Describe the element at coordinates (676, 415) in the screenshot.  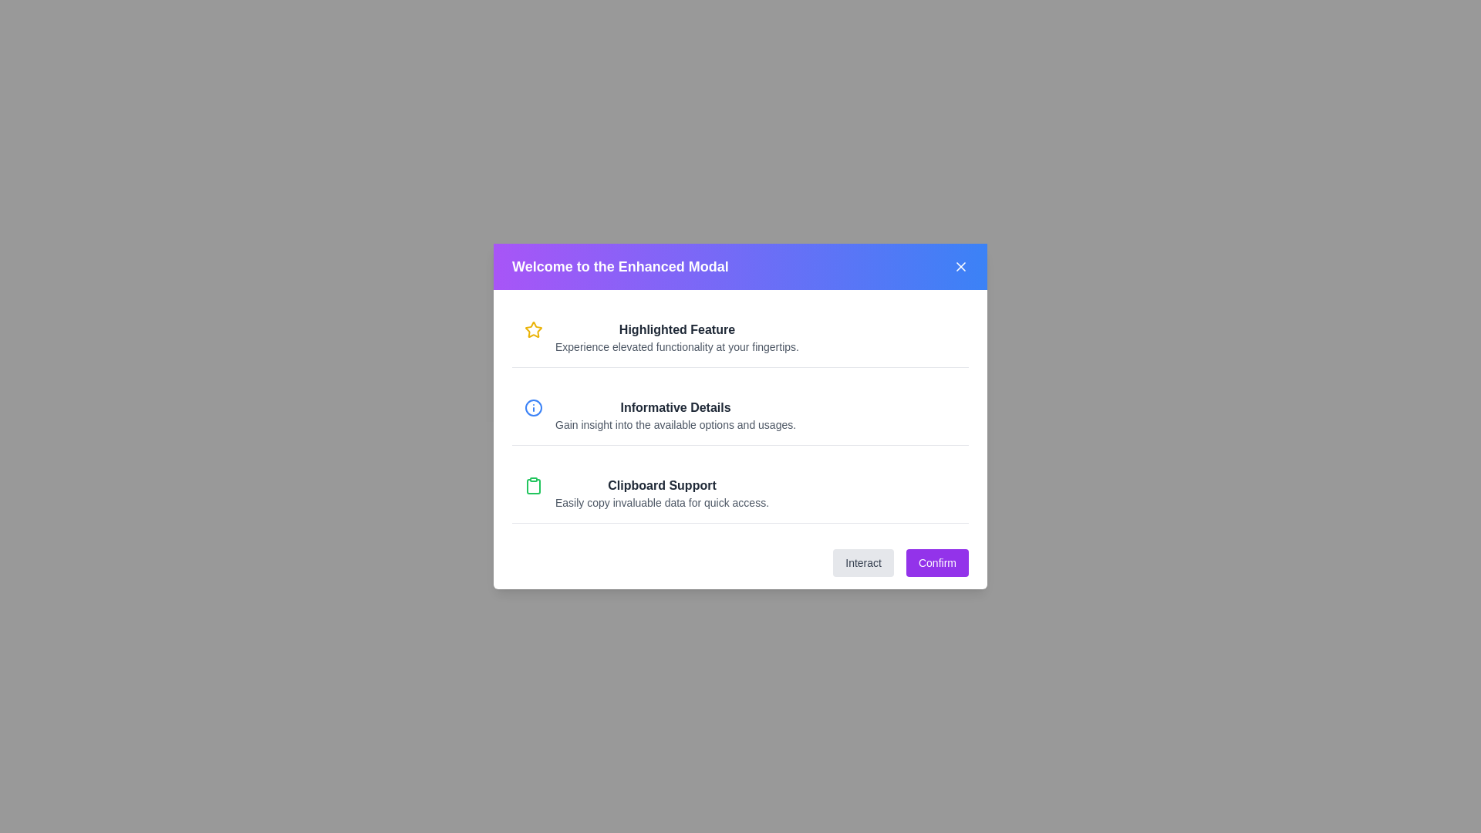
I see `the Text block located in the middle of the modal dialog box, specifically the second option in the vertical list, which provides detailed information about a feature or topic` at that location.